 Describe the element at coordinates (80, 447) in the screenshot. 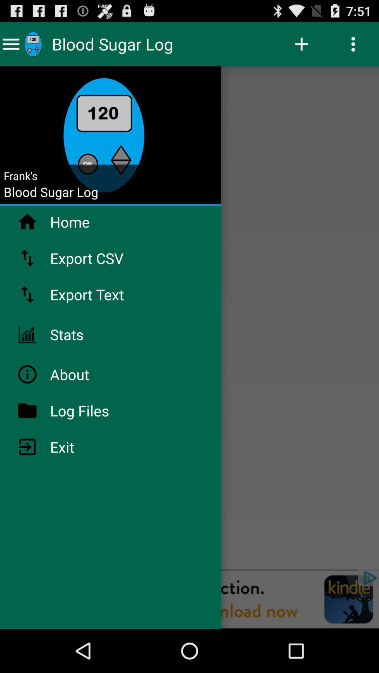

I see `the item below the log files item` at that location.